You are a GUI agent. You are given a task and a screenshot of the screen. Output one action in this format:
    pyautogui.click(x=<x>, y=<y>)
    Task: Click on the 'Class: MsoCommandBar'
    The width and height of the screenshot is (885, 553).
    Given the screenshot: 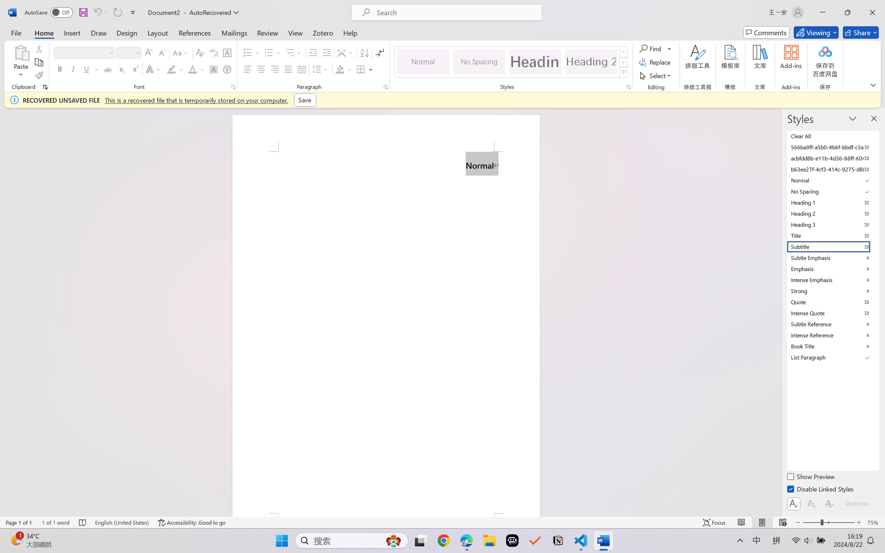 What is the action you would take?
    pyautogui.click(x=442, y=522)
    